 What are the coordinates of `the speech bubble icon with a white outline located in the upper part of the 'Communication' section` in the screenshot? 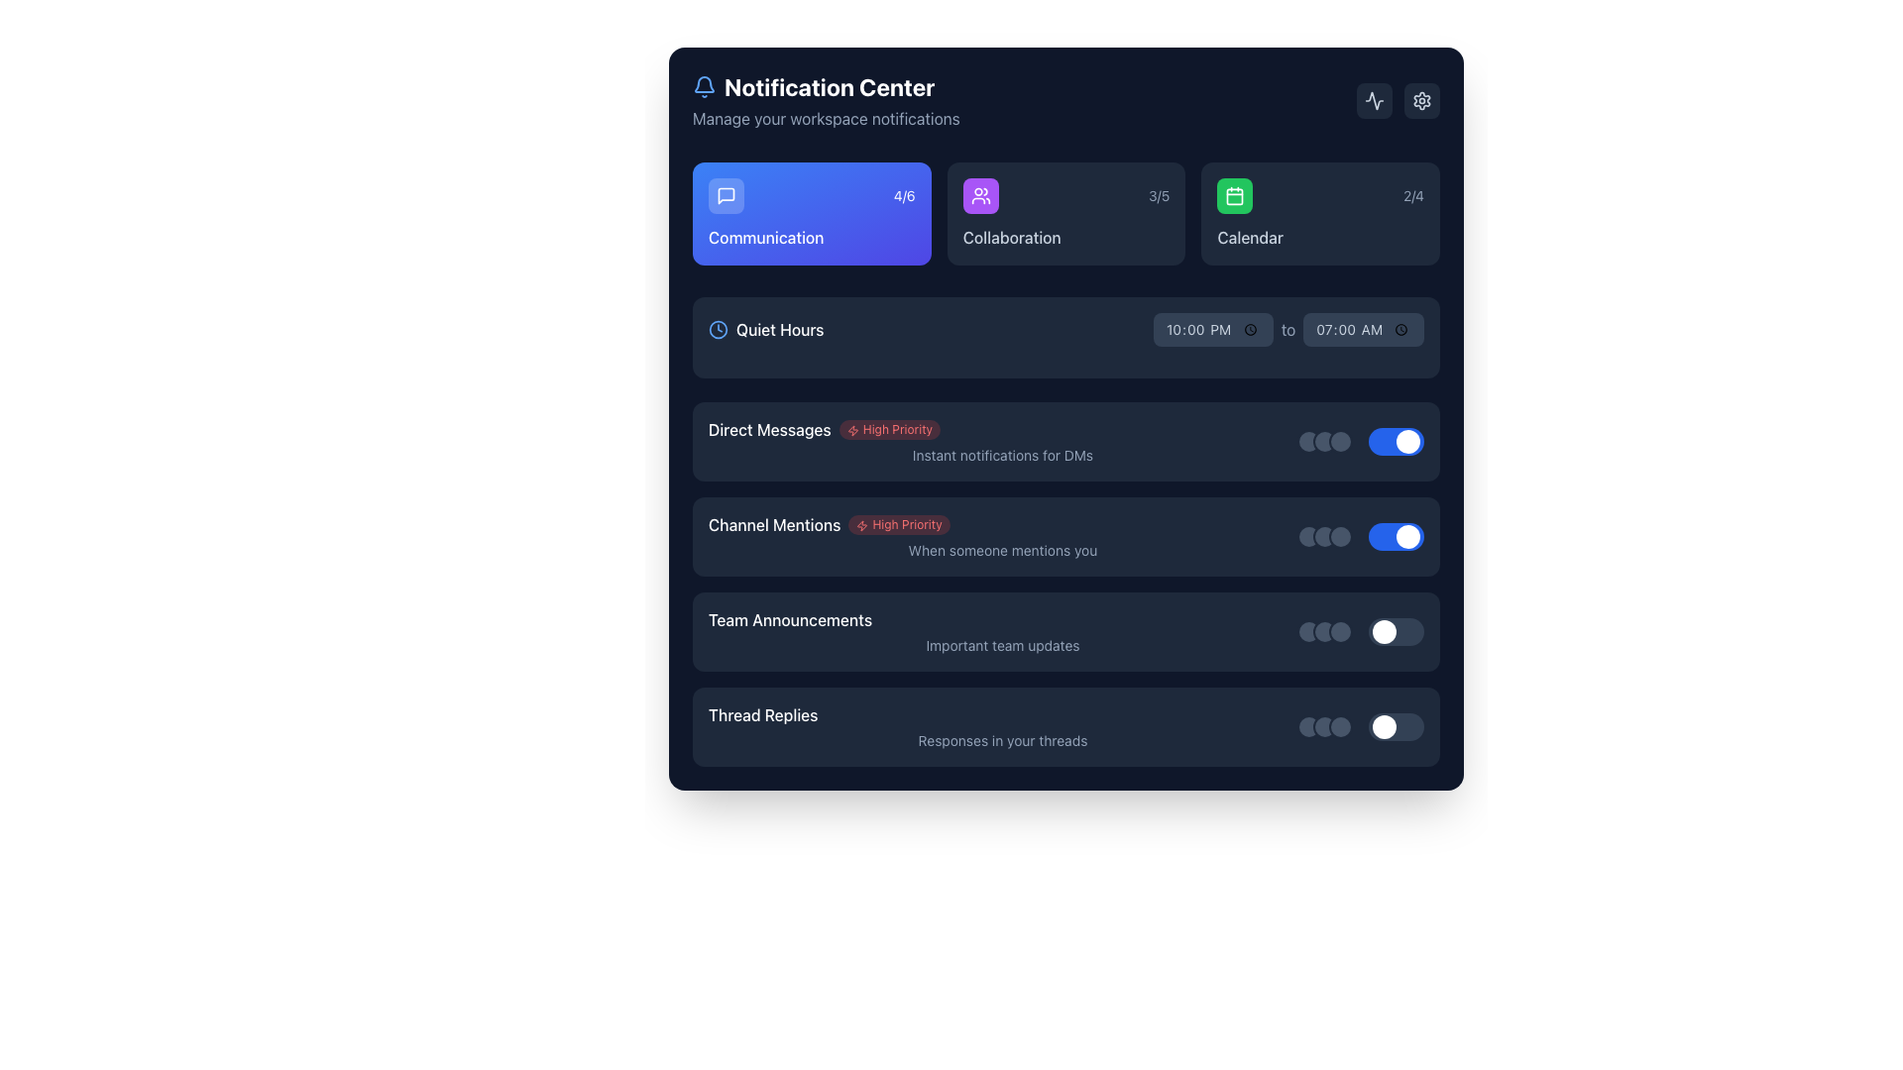 It's located at (726, 195).